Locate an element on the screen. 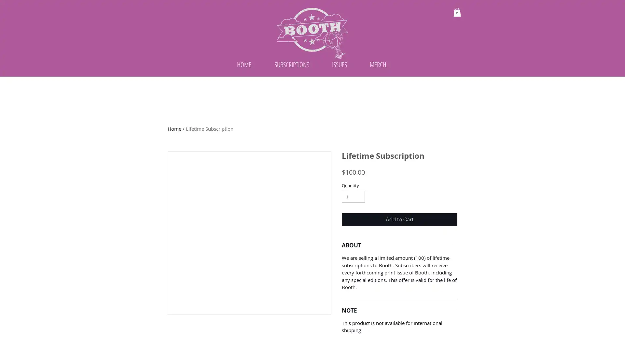 Image resolution: width=625 pixels, height=352 pixels. Cart with 0 items is located at coordinates (457, 12).